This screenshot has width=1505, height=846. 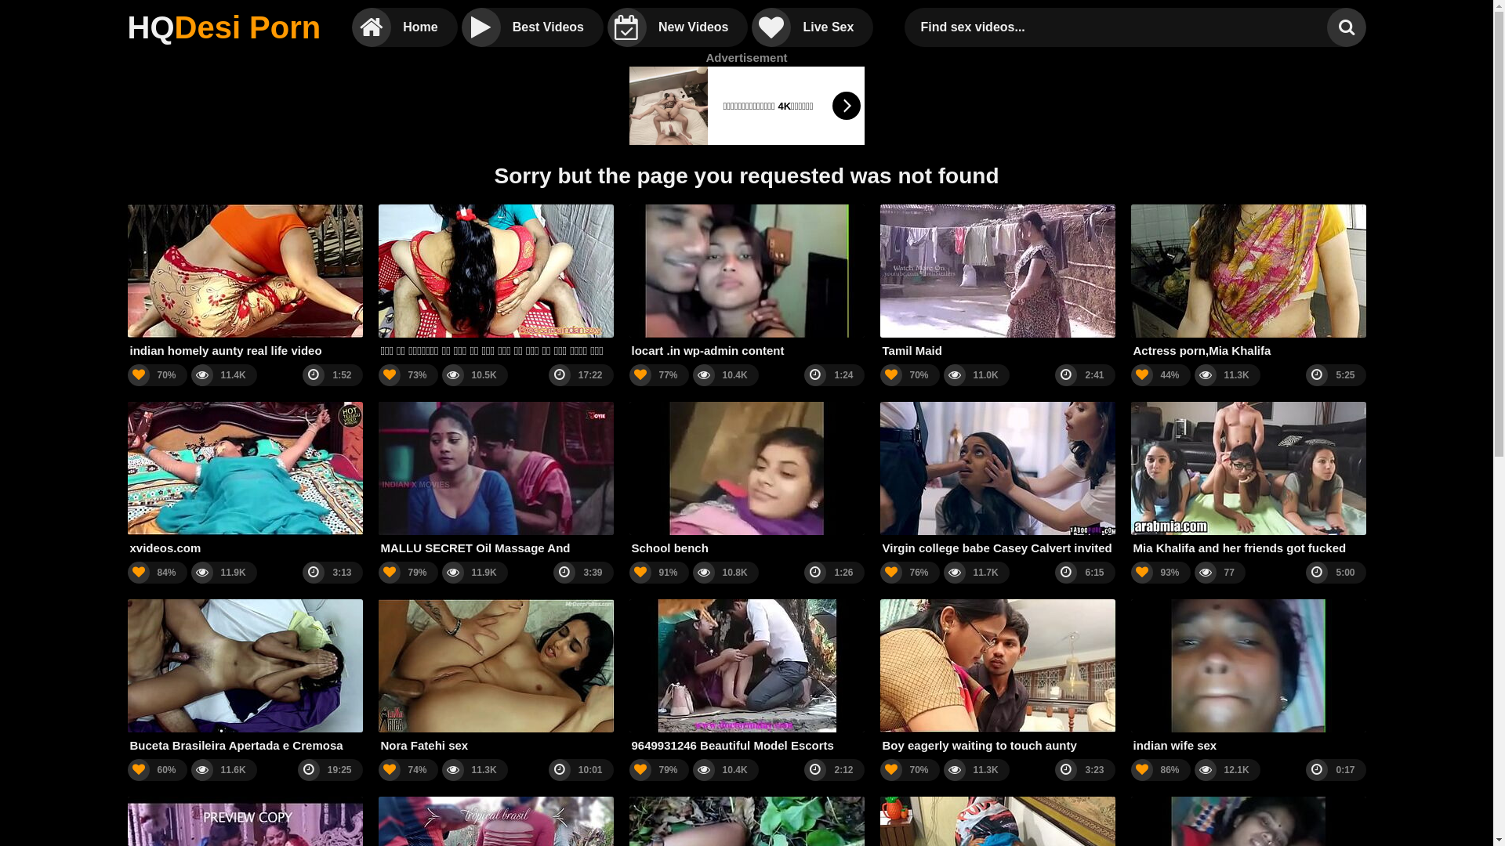 I want to click on 'Best Videos', so click(x=532, y=27).